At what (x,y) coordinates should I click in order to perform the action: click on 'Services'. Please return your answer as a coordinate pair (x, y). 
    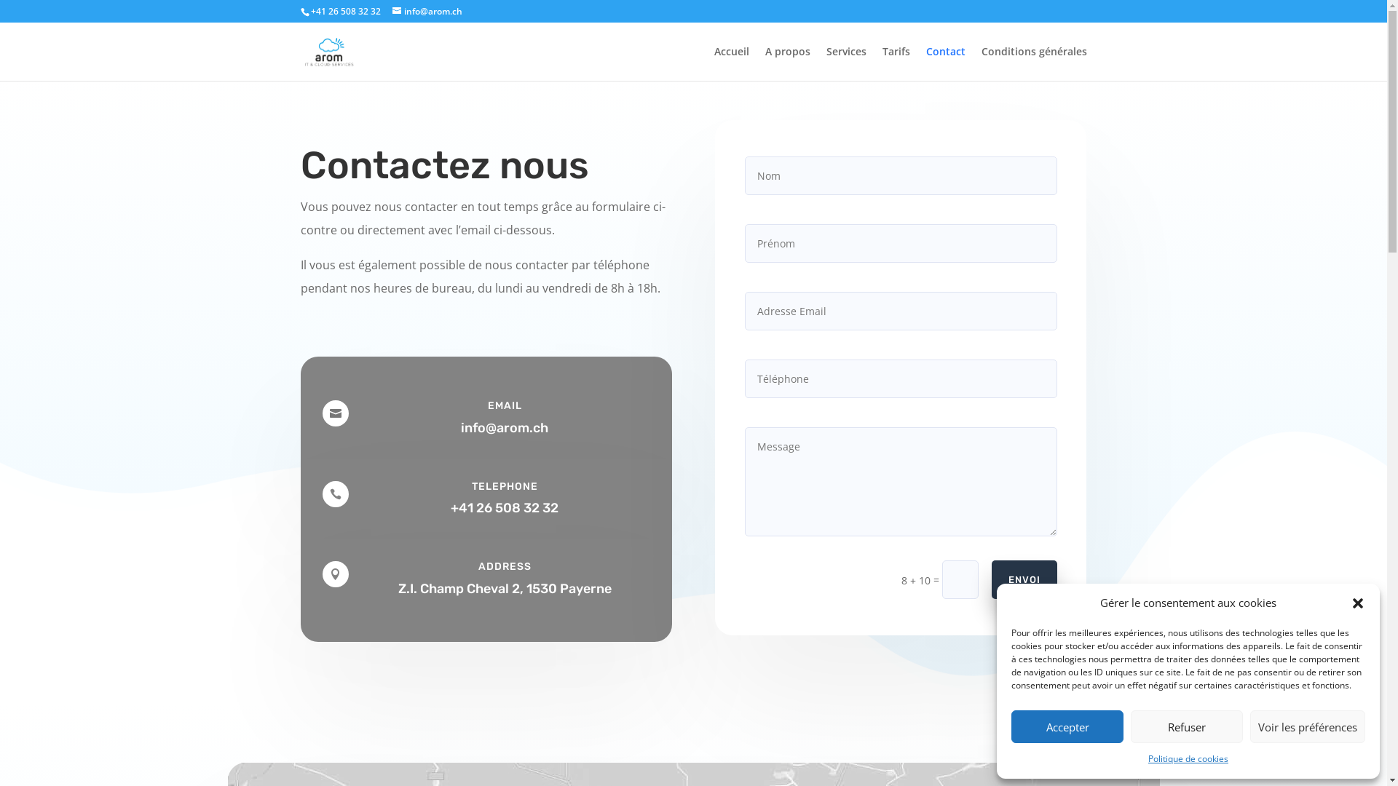
    Looking at the image, I should click on (845, 63).